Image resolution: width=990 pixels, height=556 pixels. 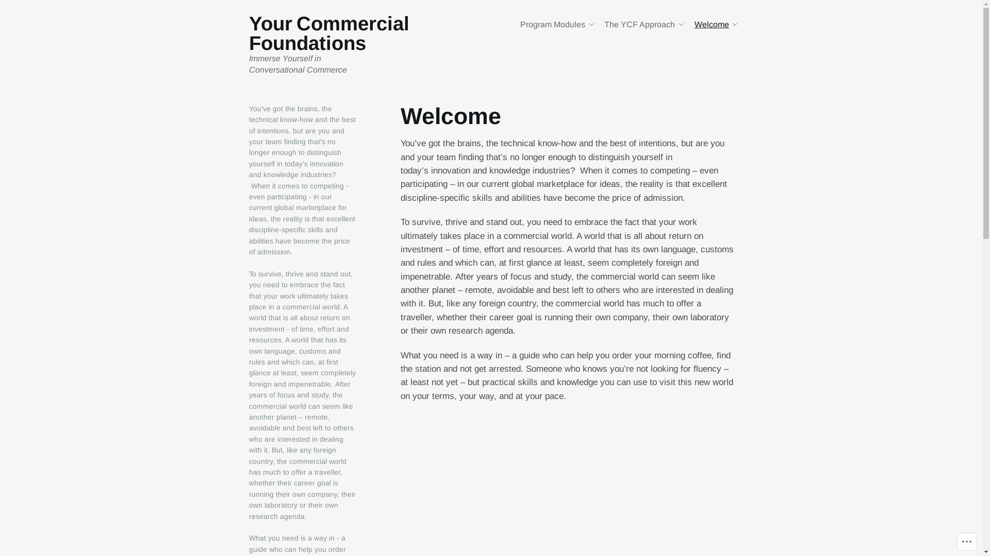 What do you see at coordinates (556, 24) in the screenshot?
I see `'Program Modules'` at bounding box center [556, 24].